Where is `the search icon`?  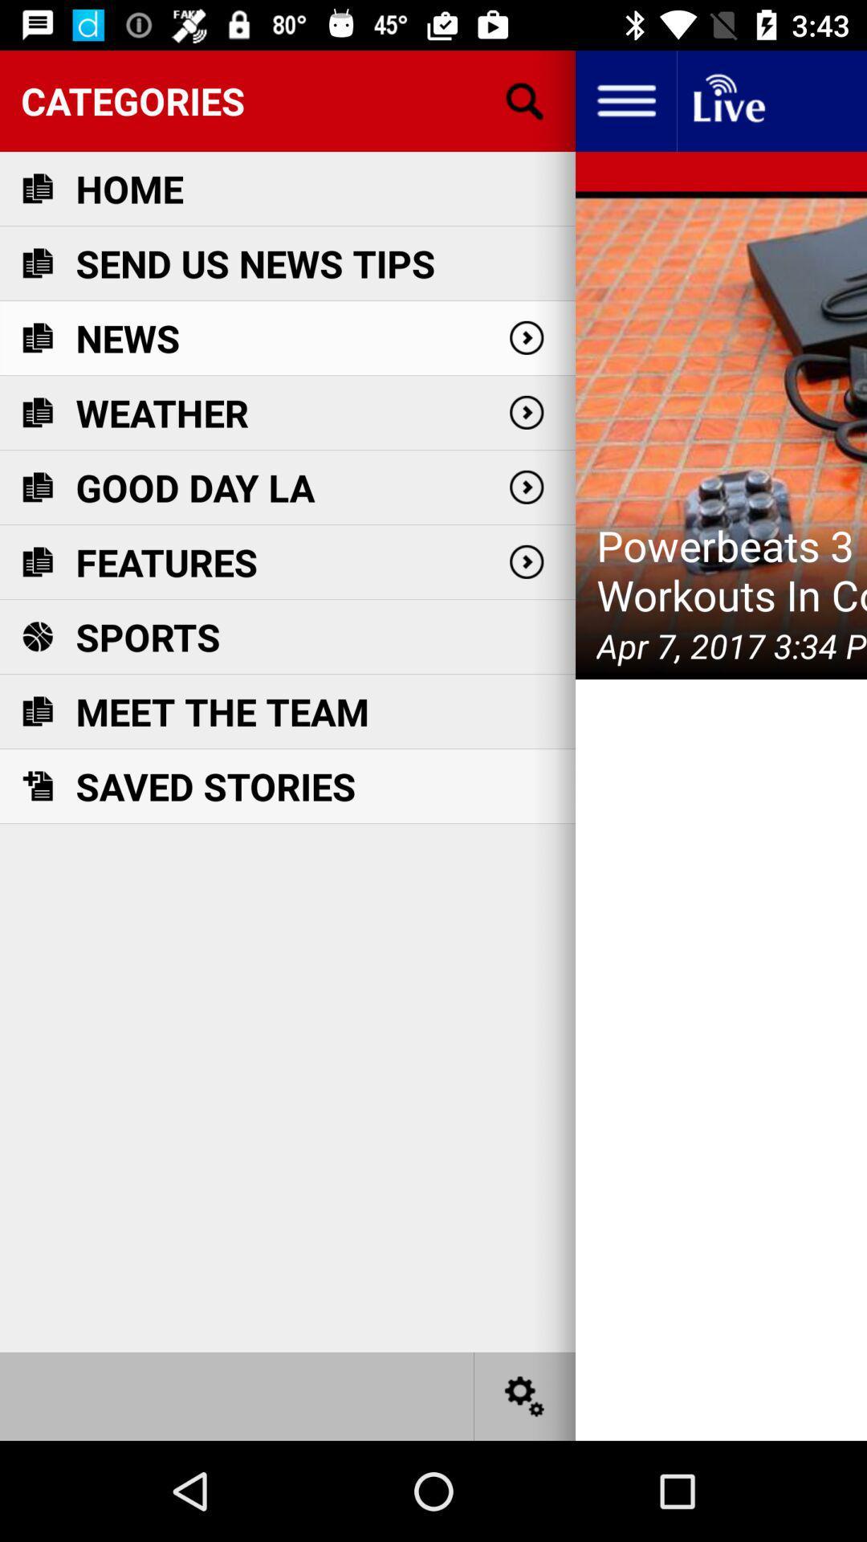 the search icon is located at coordinates (525, 100).